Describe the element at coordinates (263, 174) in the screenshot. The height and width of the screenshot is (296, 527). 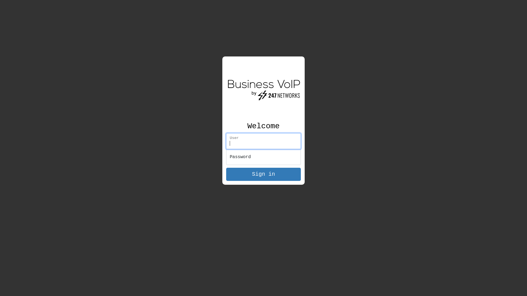
I see `'Sign in'` at that location.